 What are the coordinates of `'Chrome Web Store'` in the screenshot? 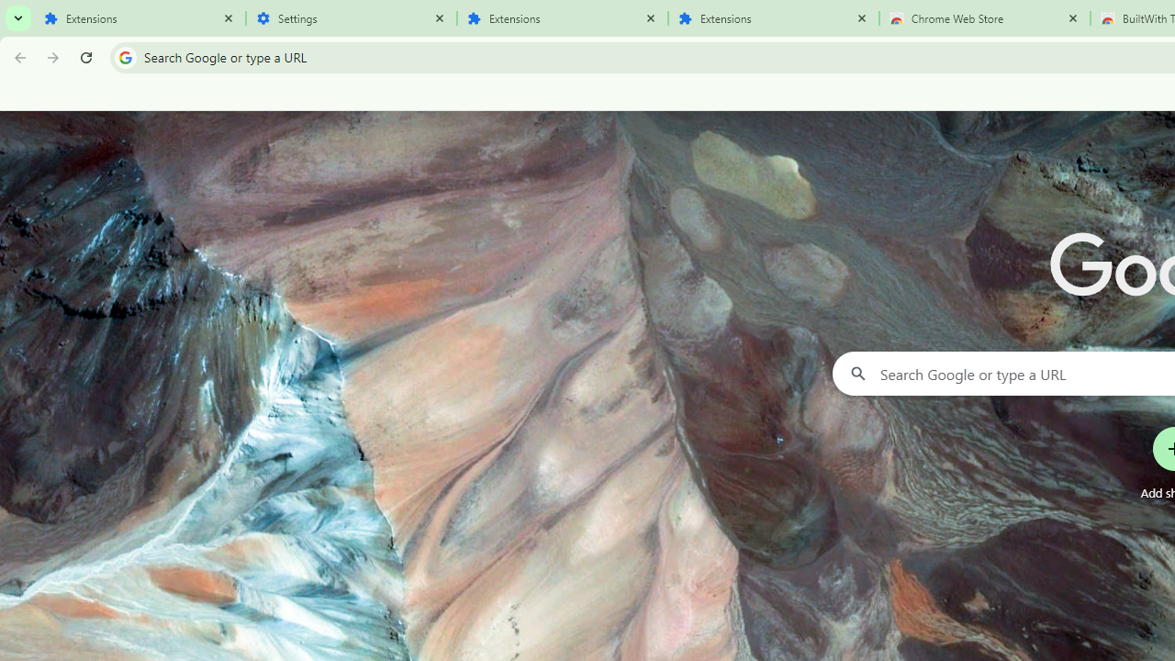 It's located at (983, 18).